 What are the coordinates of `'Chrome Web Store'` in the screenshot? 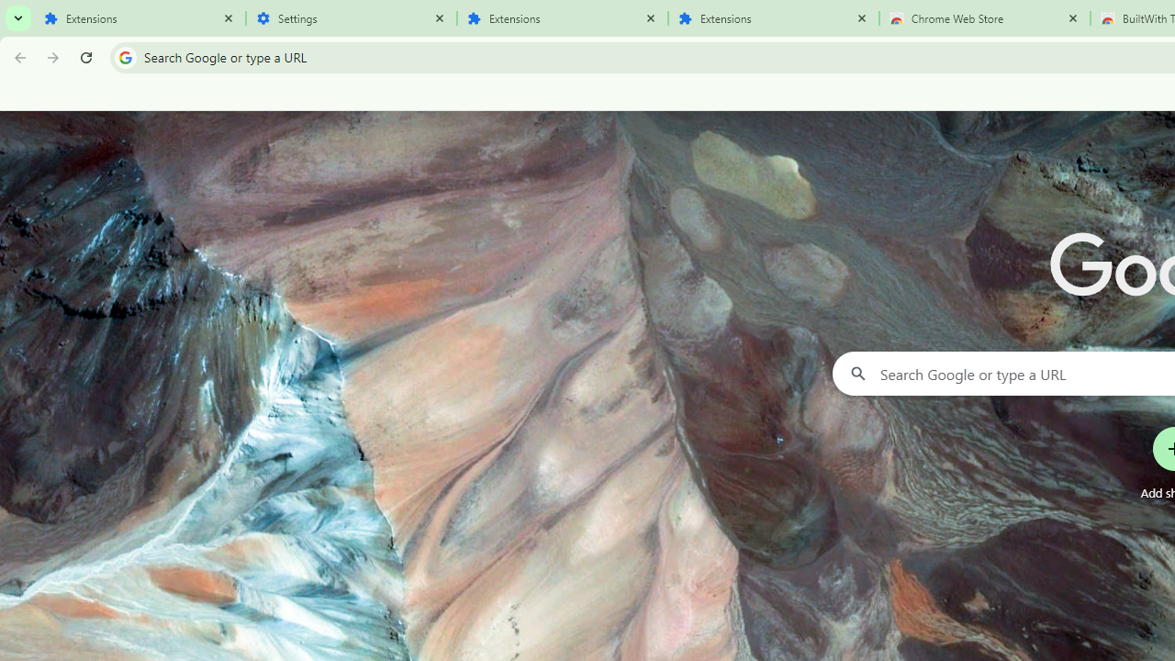 It's located at (983, 18).